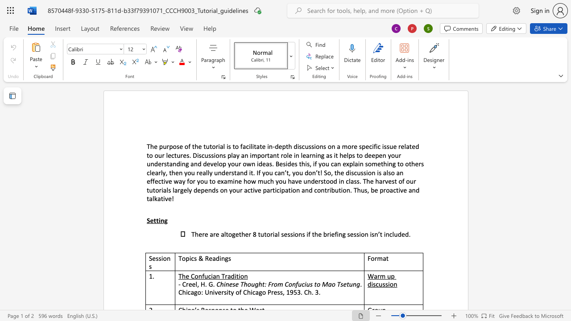 The width and height of the screenshot is (571, 321). I want to click on the space between the continuous character "i" and "c" in the text, so click(191, 258).